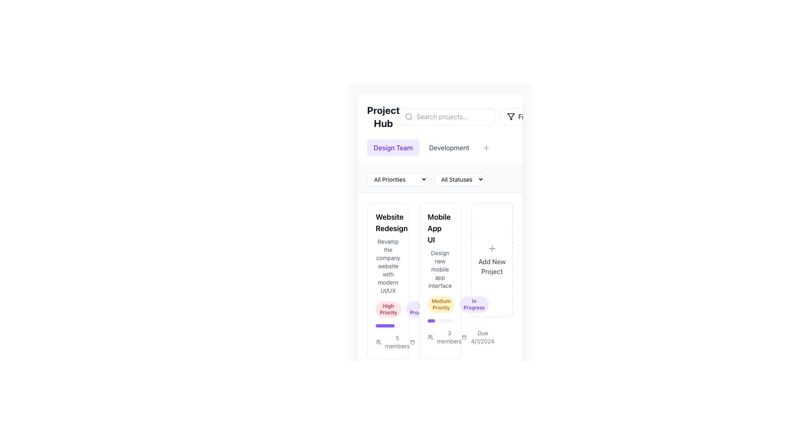 The image size is (785, 441). What do you see at coordinates (440, 148) in the screenshot?
I see `the button that switches the context to the 'Development' section, located centrally among buttons, to the right of the 'Design Team' button and to the left of a button with a '+' icon` at bounding box center [440, 148].